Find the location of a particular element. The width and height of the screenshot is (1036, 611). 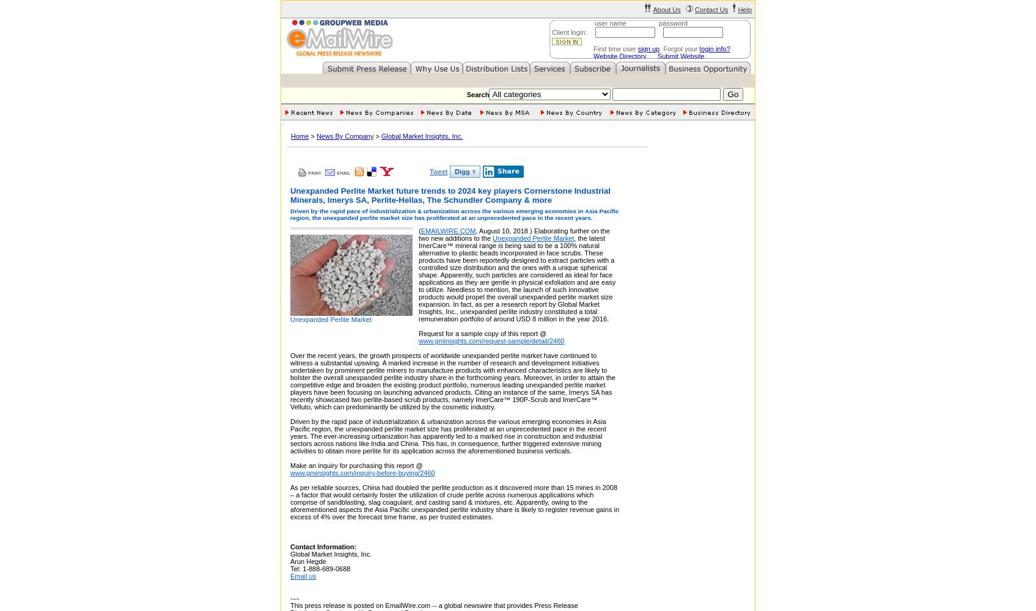

'Email us' is located at coordinates (289, 576).